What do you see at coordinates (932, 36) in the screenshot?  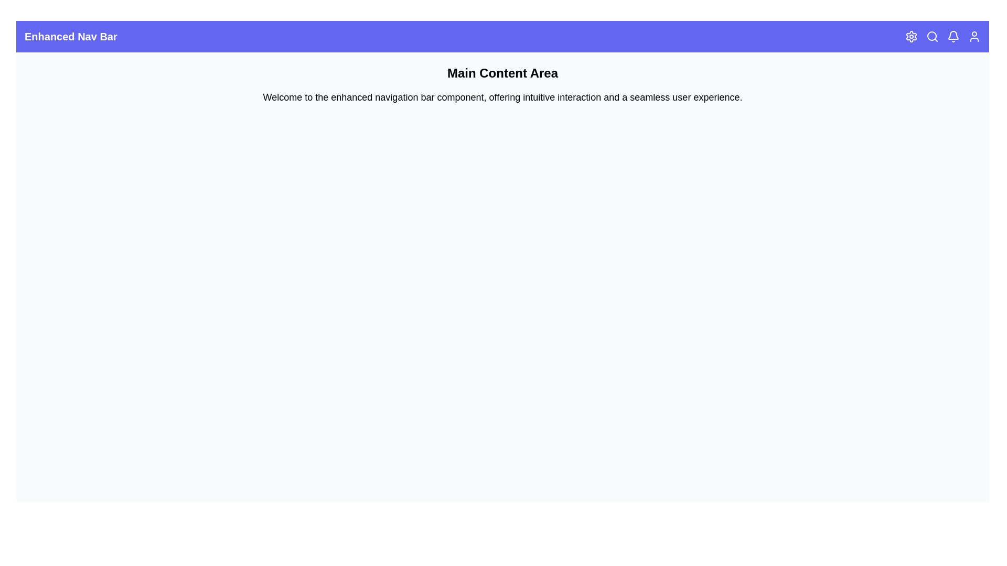 I see `the search icon to activate the search functionality` at bounding box center [932, 36].